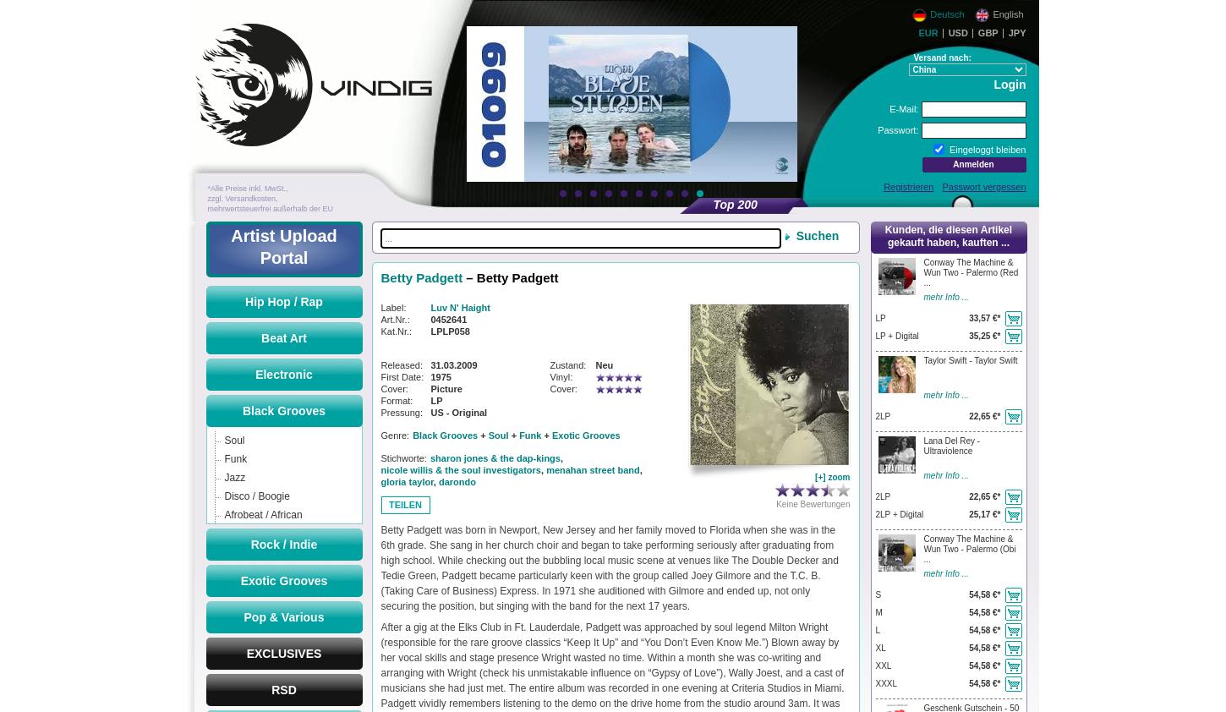 Image resolution: width=1226 pixels, height=712 pixels. Describe the element at coordinates (927, 12) in the screenshot. I see `'Deutsch'` at that location.